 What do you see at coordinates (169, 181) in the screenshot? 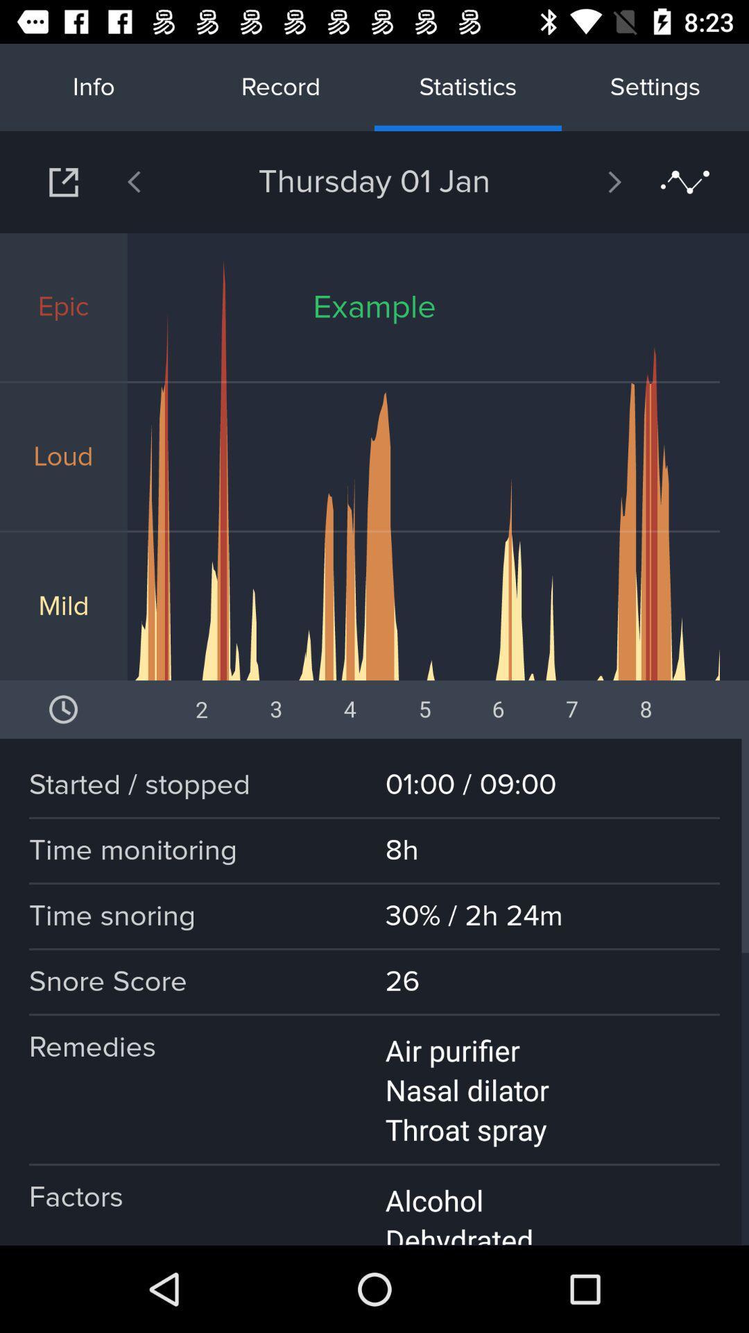
I see `the app to the left of the thursday 01 jan icon` at bounding box center [169, 181].